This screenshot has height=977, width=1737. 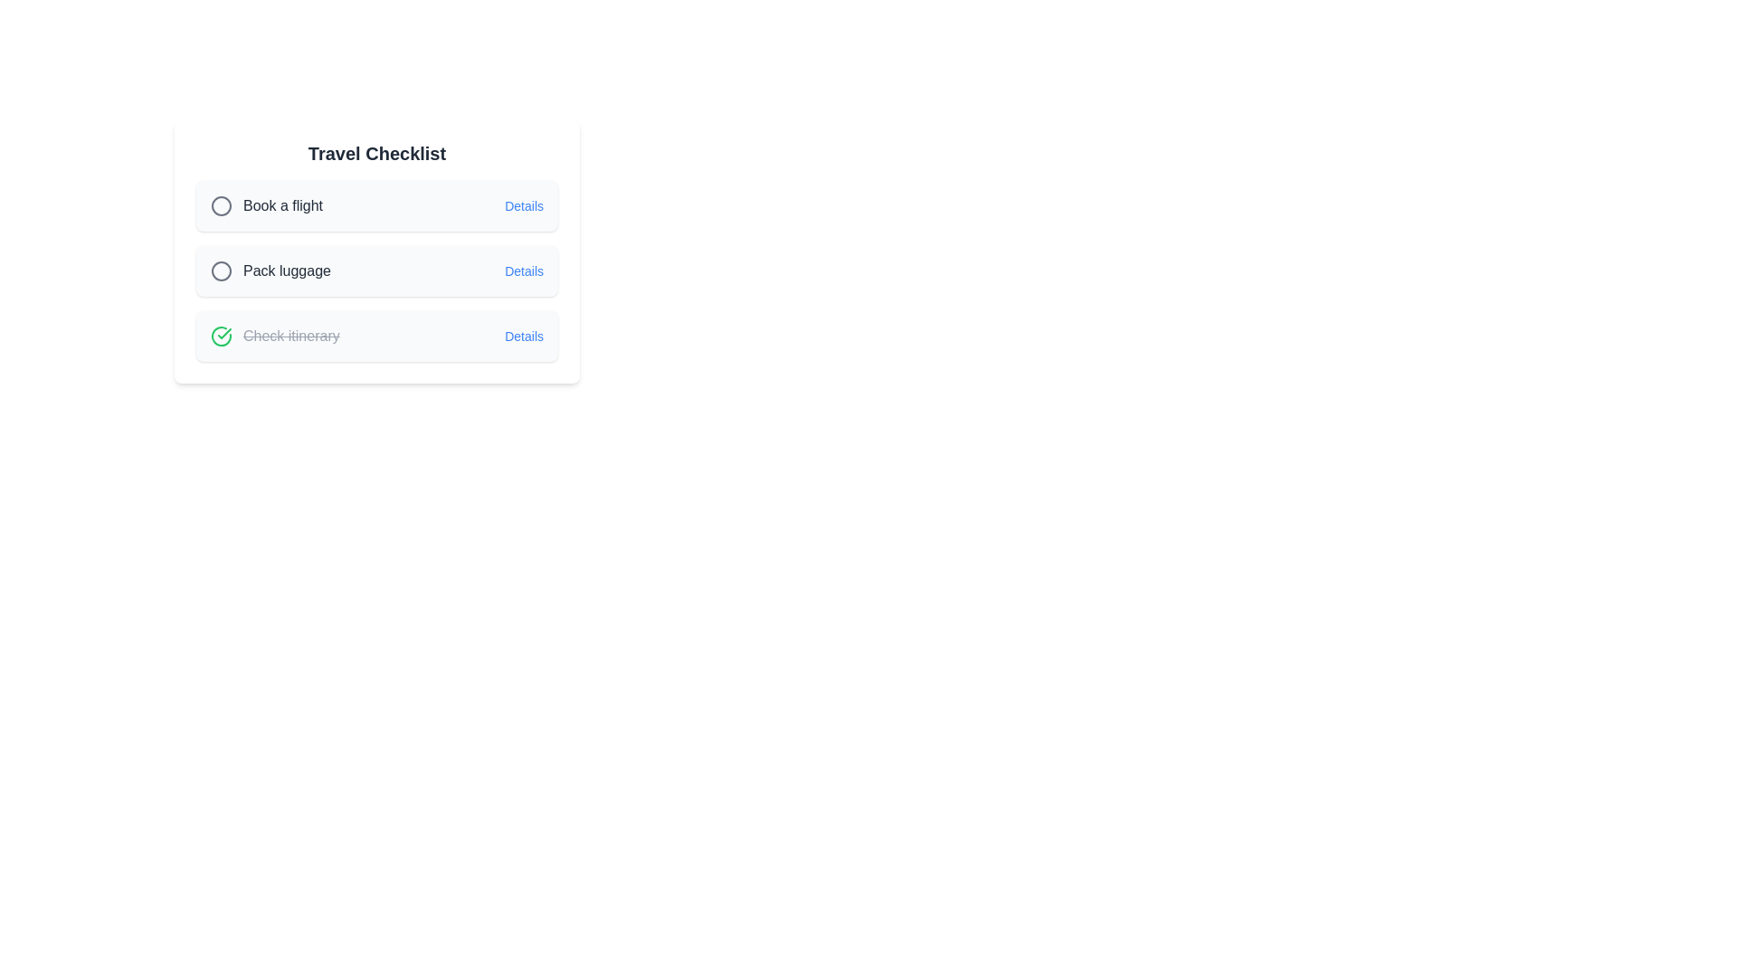 I want to click on the checklist item representing the task 'Pack luggage', so click(x=376, y=271).